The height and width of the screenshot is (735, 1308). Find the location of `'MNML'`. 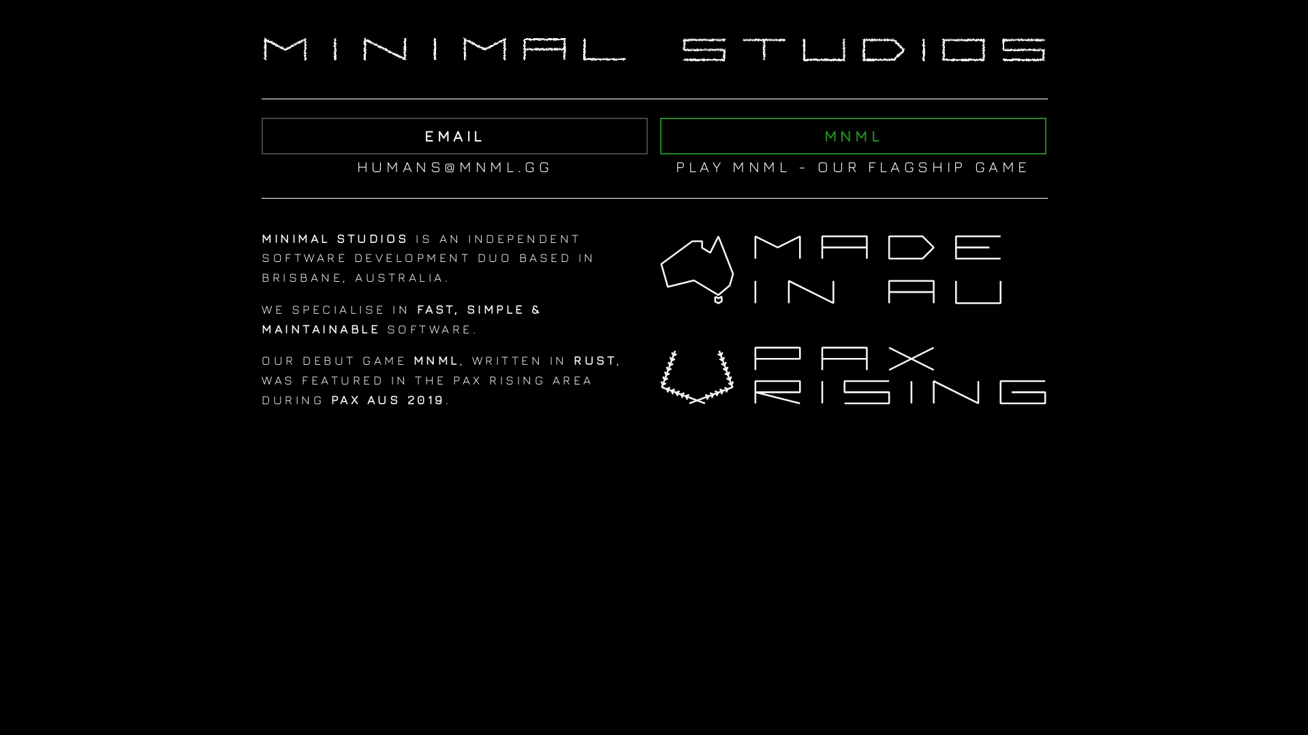

'MNML' is located at coordinates (852, 136).